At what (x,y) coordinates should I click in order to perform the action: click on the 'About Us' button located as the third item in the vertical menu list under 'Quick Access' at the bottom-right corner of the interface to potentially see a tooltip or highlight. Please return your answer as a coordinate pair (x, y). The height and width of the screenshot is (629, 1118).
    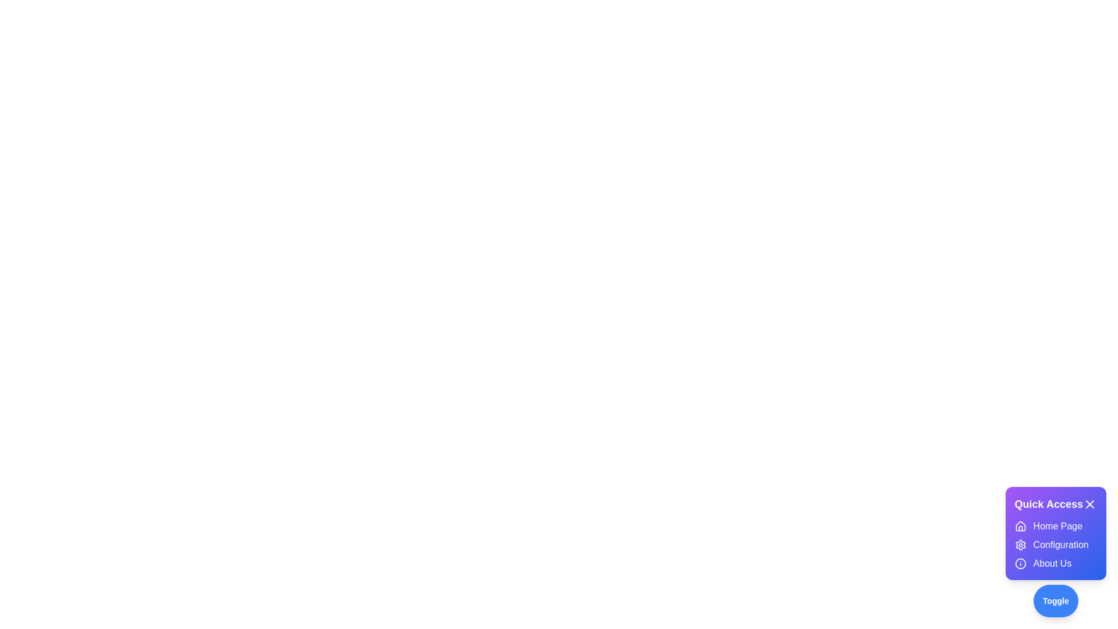
    Looking at the image, I should click on (1056, 563).